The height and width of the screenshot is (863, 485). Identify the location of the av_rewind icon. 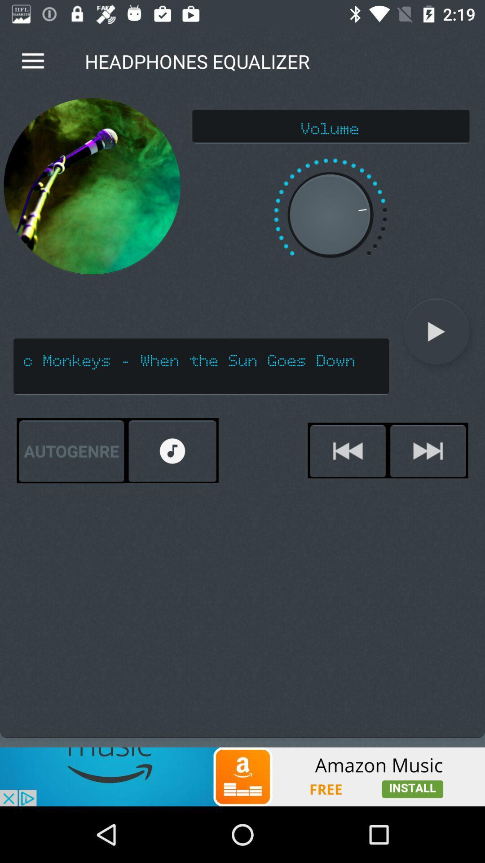
(347, 451).